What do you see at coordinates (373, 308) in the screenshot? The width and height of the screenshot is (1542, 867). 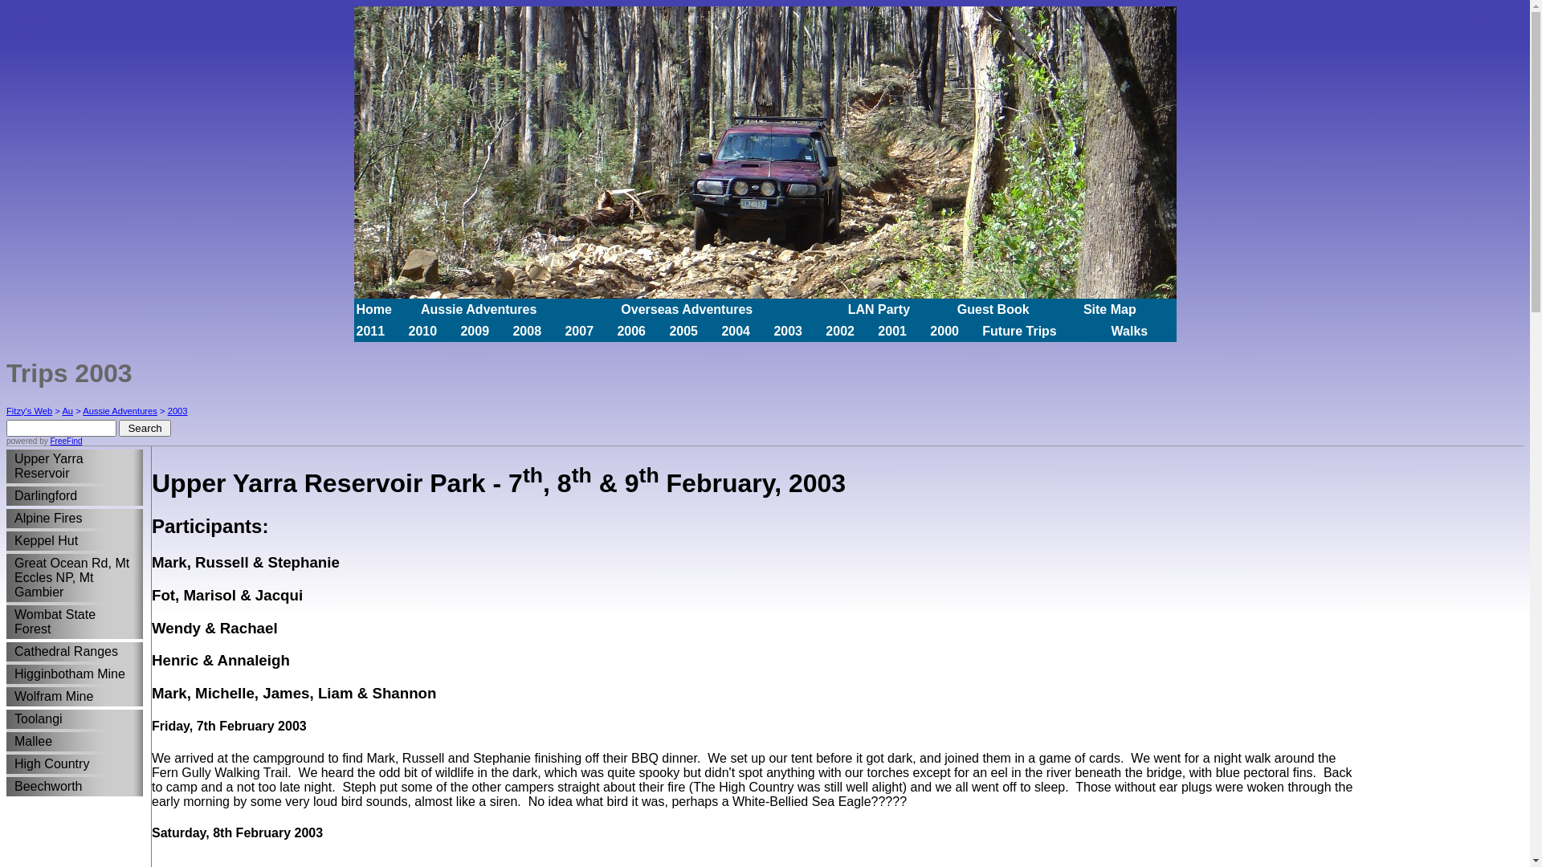 I see `'Home'` at bounding box center [373, 308].